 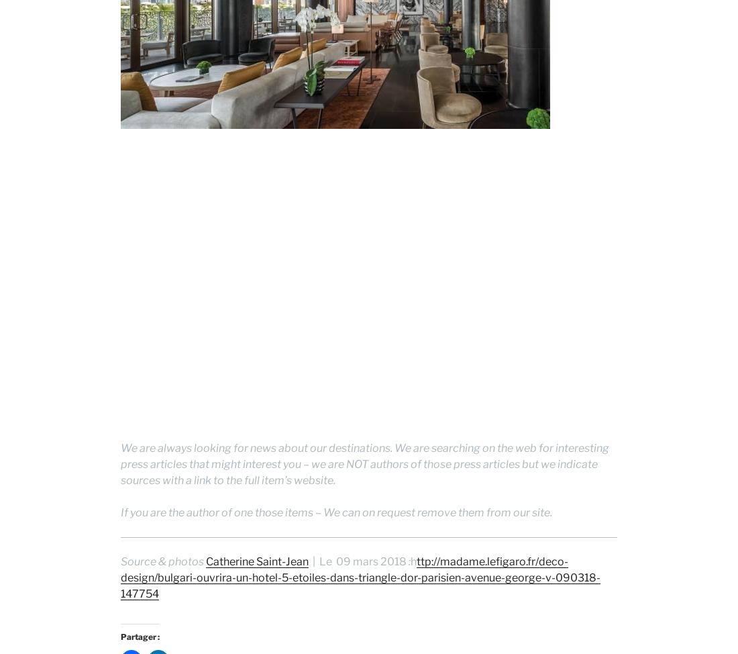 What do you see at coordinates (360, 577) in the screenshot?
I see `'ttp://madame.lefigaro.fr/deco-design/bulgari-ouvrira-un-hotel-5-etoiles-dans-triangle-dor-parisien-avenue-george-v-090318-147754'` at bounding box center [360, 577].